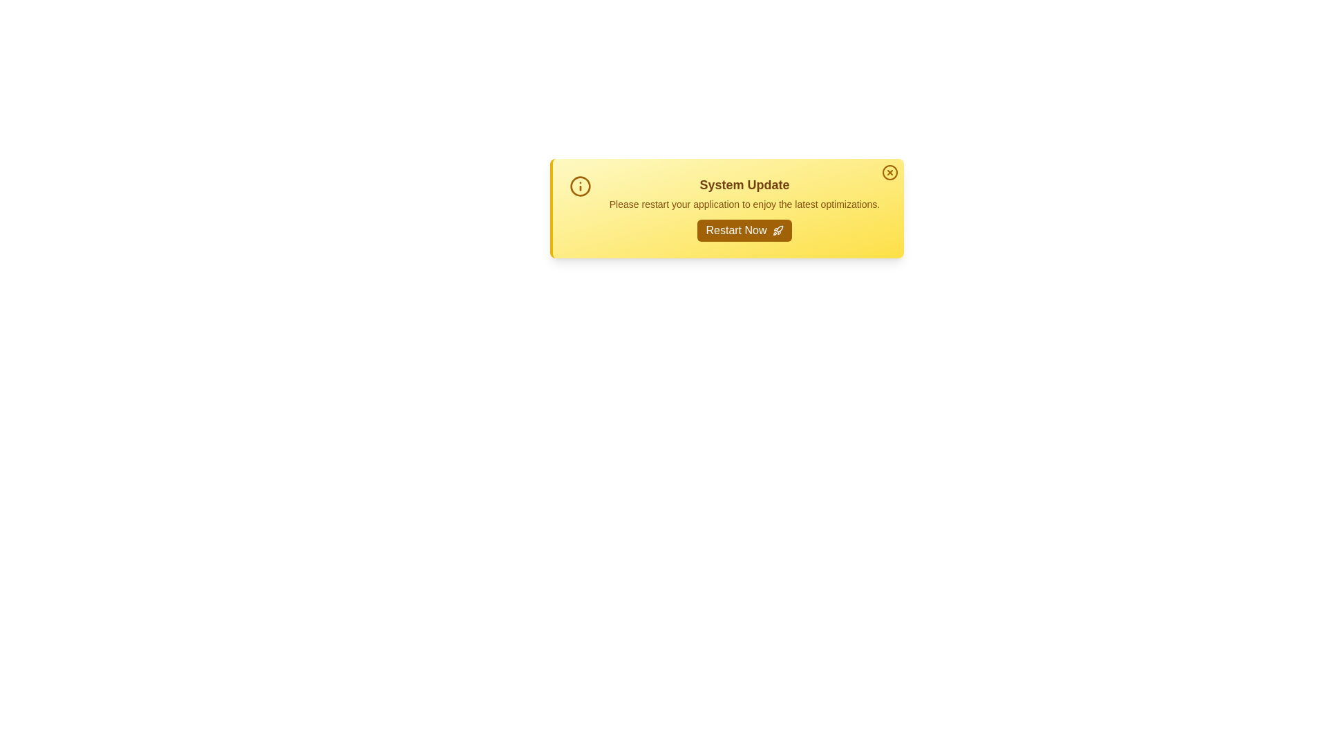  What do you see at coordinates (890, 172) in the screenshot?
I see `the close button to dismiss the alert` at bounding box center [890, 172].